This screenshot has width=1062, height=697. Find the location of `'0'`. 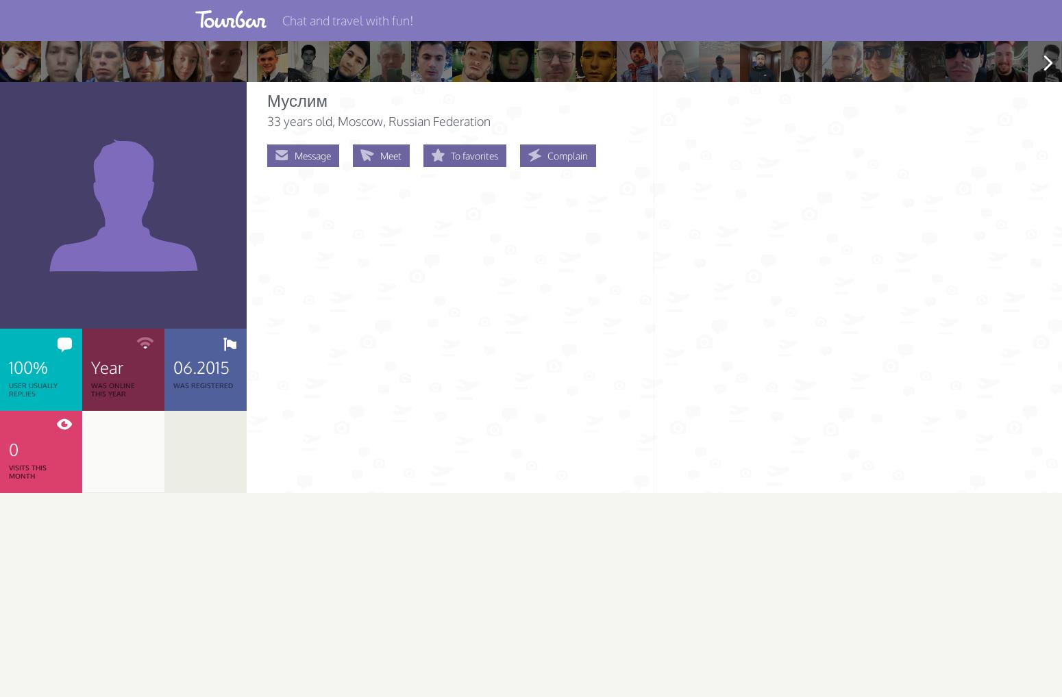

'0' is located at coordinates (12, 448).